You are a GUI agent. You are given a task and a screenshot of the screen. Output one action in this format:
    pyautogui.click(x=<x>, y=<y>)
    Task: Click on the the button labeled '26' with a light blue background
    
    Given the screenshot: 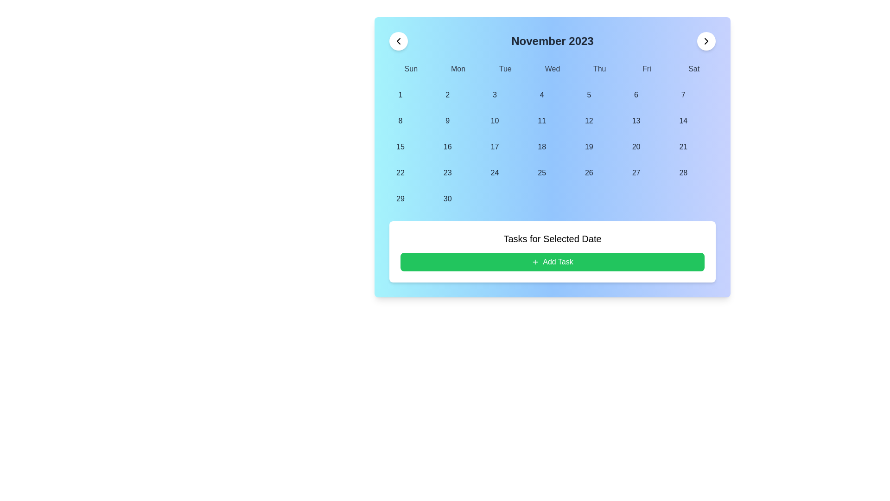 What is the action you would take?
    pyautogui.click(x=588, y=173)
    